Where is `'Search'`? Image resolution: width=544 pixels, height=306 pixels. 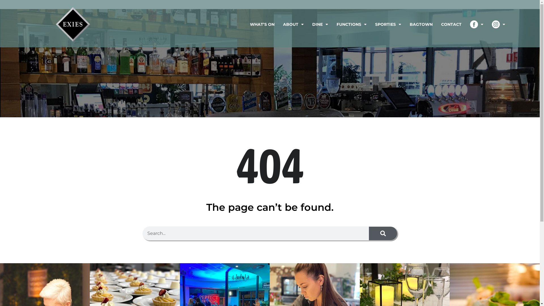
'Search' is located at coordinates (383, 233).